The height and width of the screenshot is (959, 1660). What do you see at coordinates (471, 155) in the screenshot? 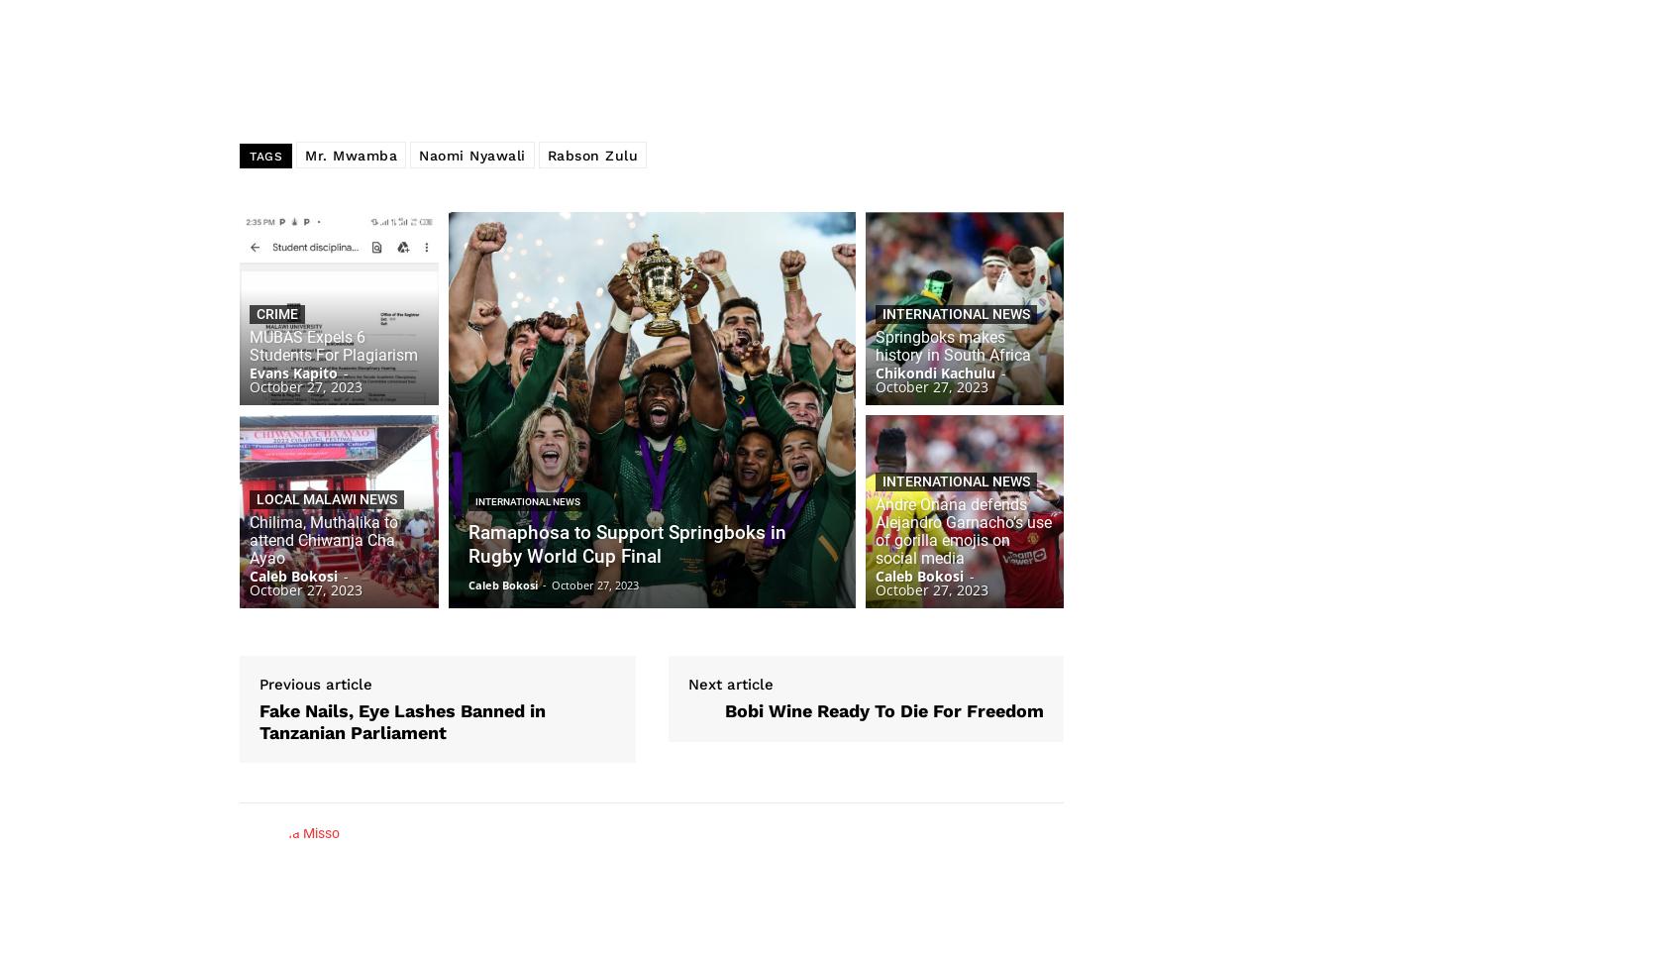
I see `'Naomi Nyawali'` at bounding box center [471, 155].